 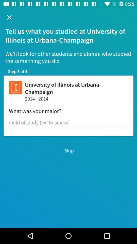 What do you see at coordinates (68, 150) in the screenshot?
I see `the skip icon` at bounding box center [68, 150].